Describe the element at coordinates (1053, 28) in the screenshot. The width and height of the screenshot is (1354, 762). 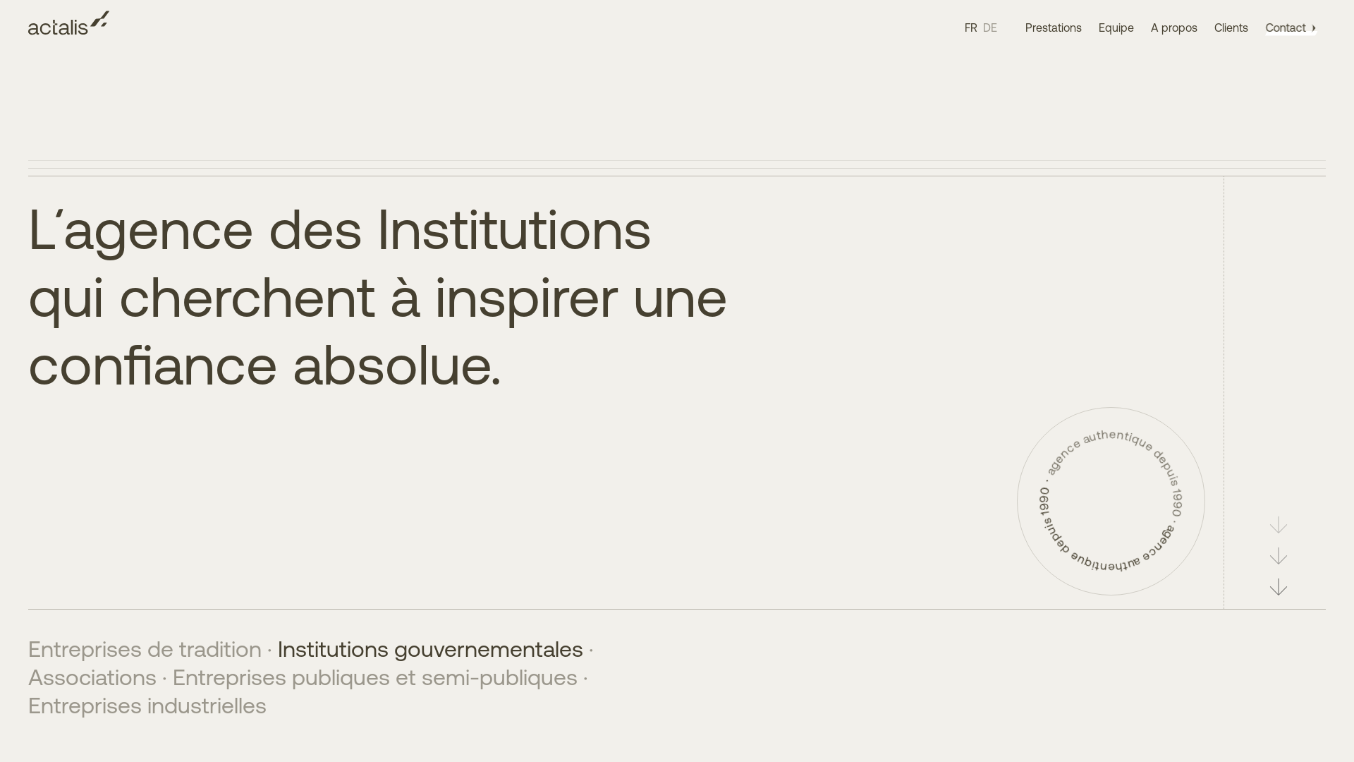
I see `'Prestations'` at that location.